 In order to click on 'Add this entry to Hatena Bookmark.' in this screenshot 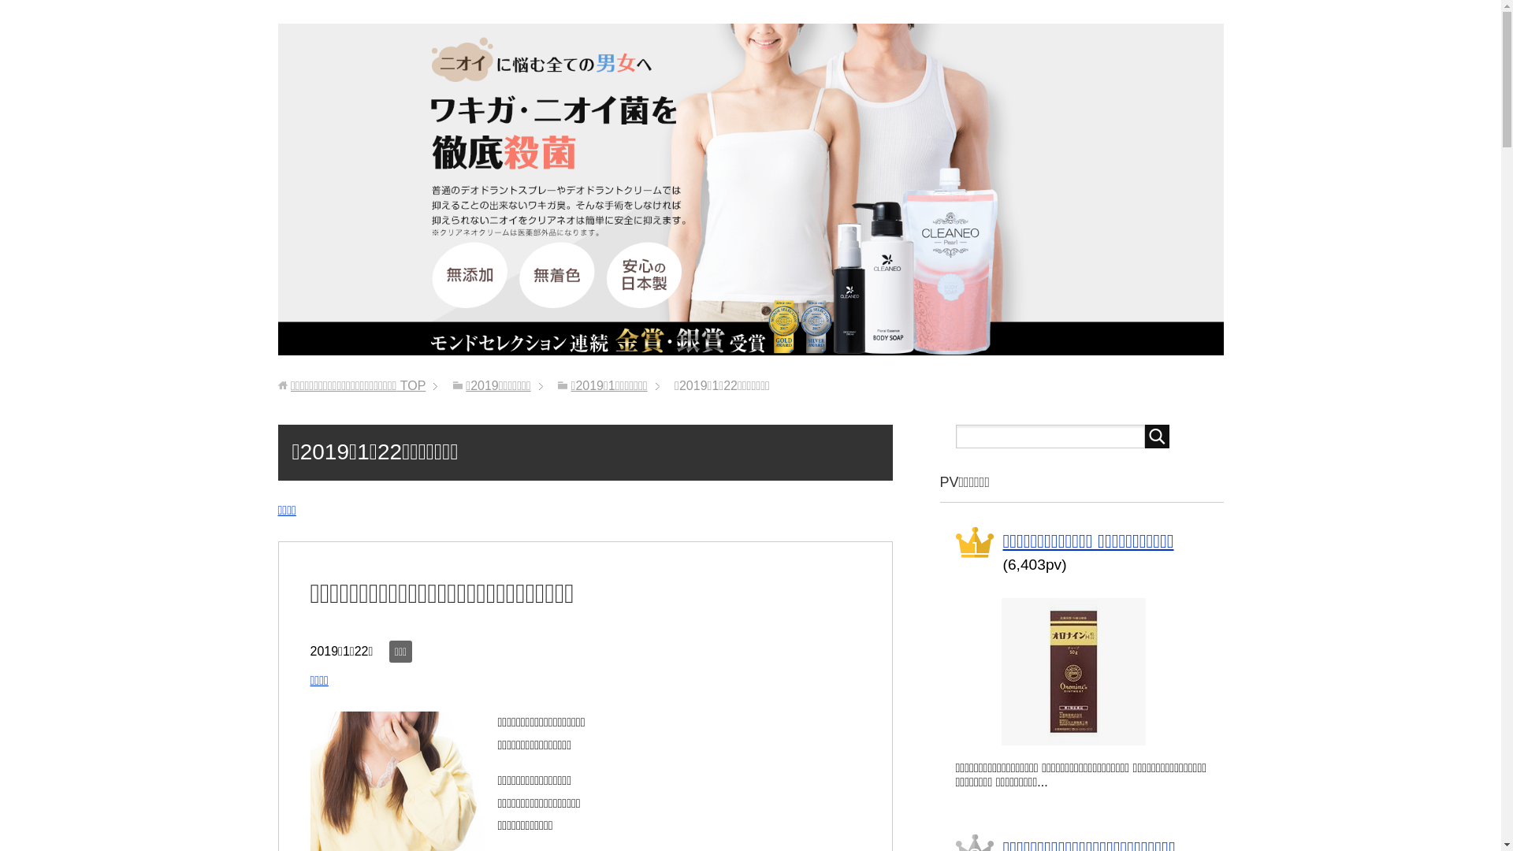, I will do `click(362, 682)`.